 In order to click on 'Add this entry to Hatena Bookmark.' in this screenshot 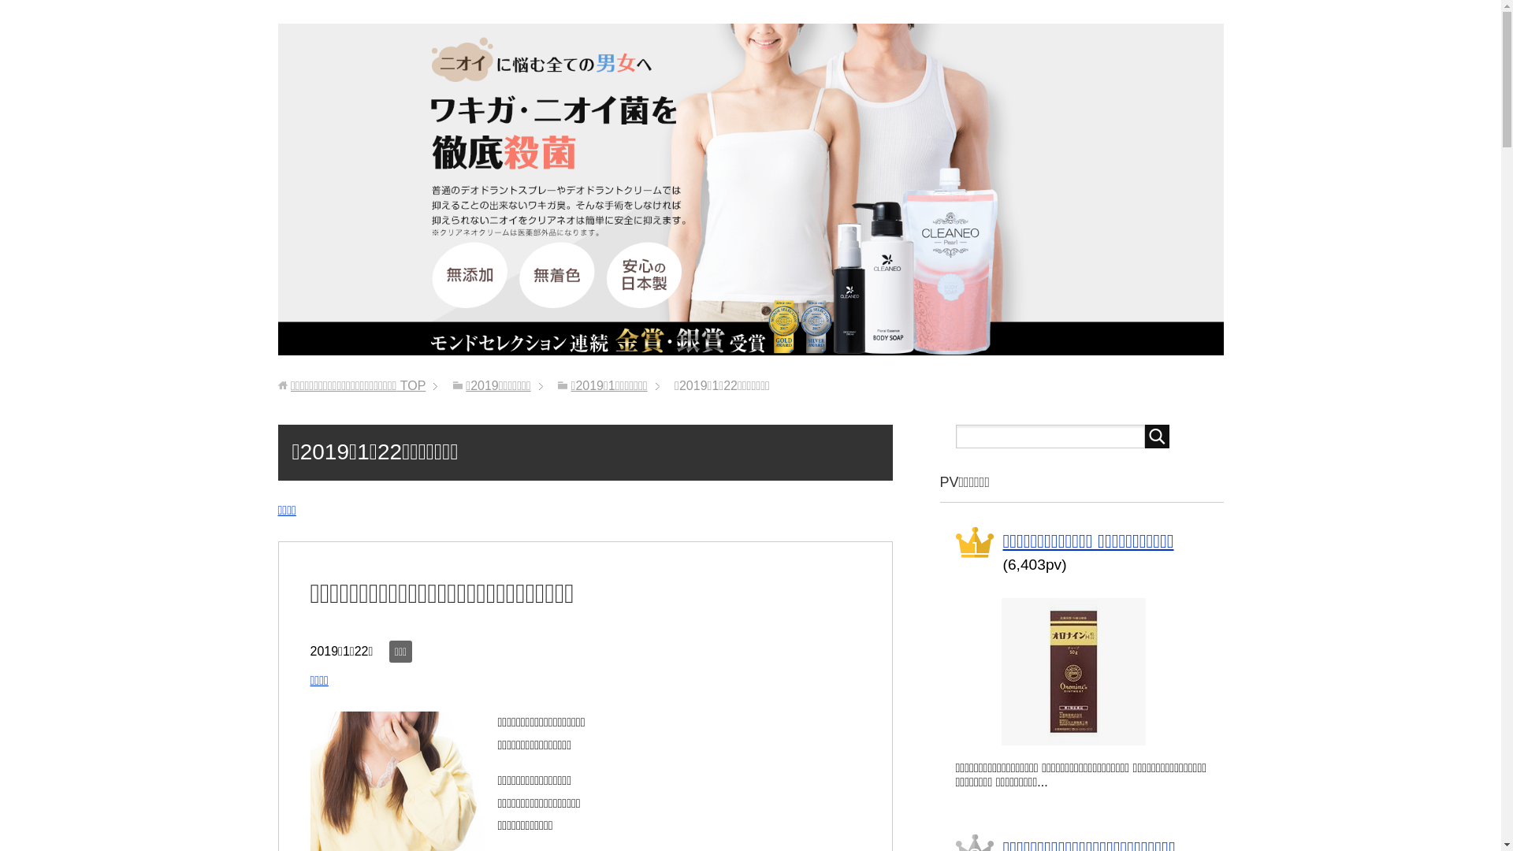, I will do `click(362, 682)`.